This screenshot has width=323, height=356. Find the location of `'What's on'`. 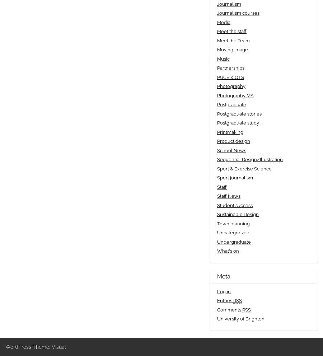

'What's on' is located at coordinates (228, 250).